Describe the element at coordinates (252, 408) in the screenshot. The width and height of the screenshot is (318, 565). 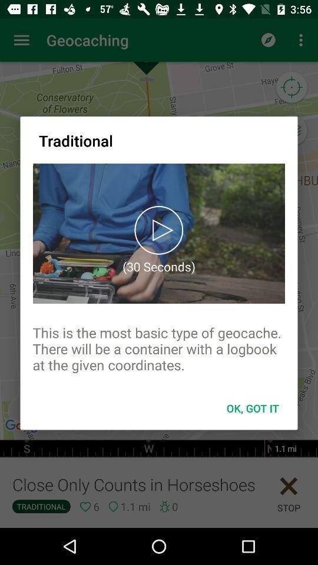
I see `item below the this is the item` at that location.